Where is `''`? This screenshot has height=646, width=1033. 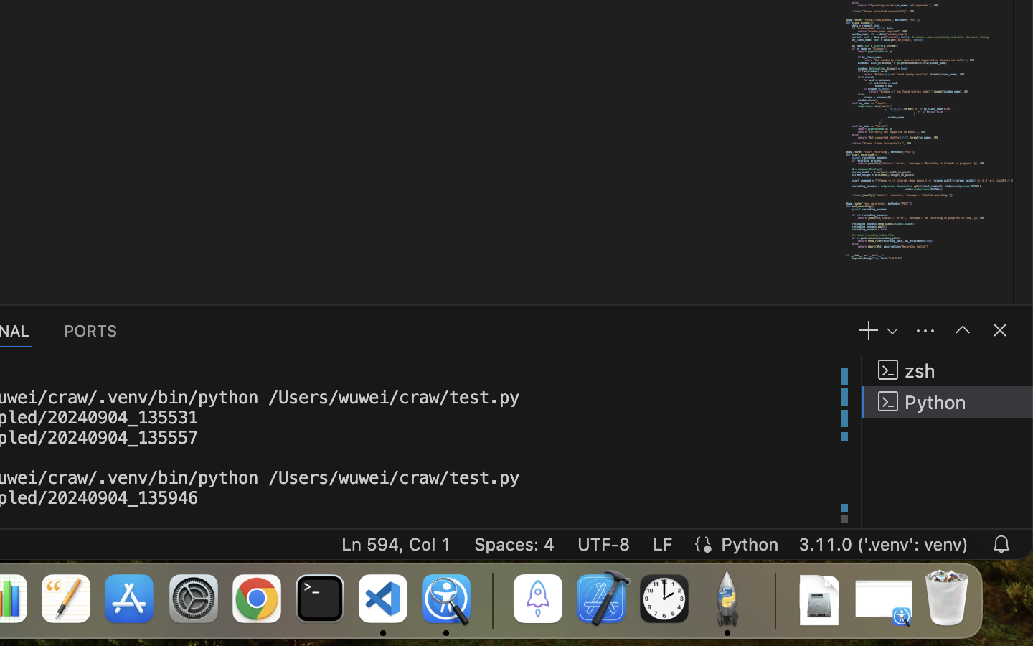
'' is located at coordinates (961, 329).